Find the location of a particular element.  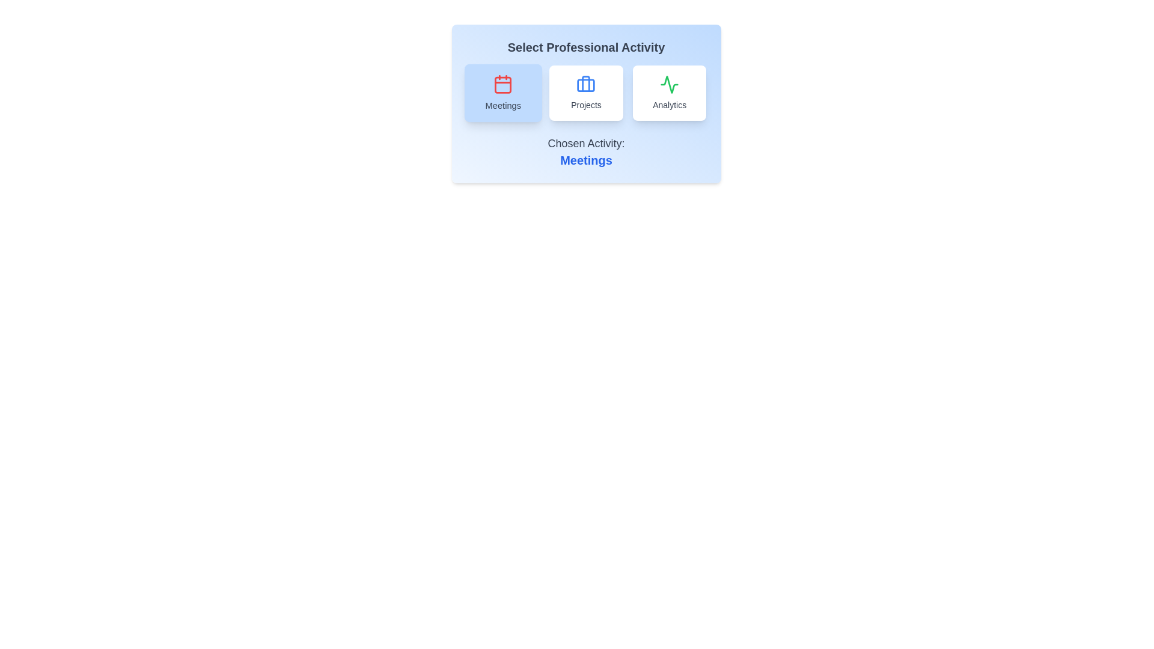

the Meetings button to observe visual feedback is located at coordinates (502, 92).